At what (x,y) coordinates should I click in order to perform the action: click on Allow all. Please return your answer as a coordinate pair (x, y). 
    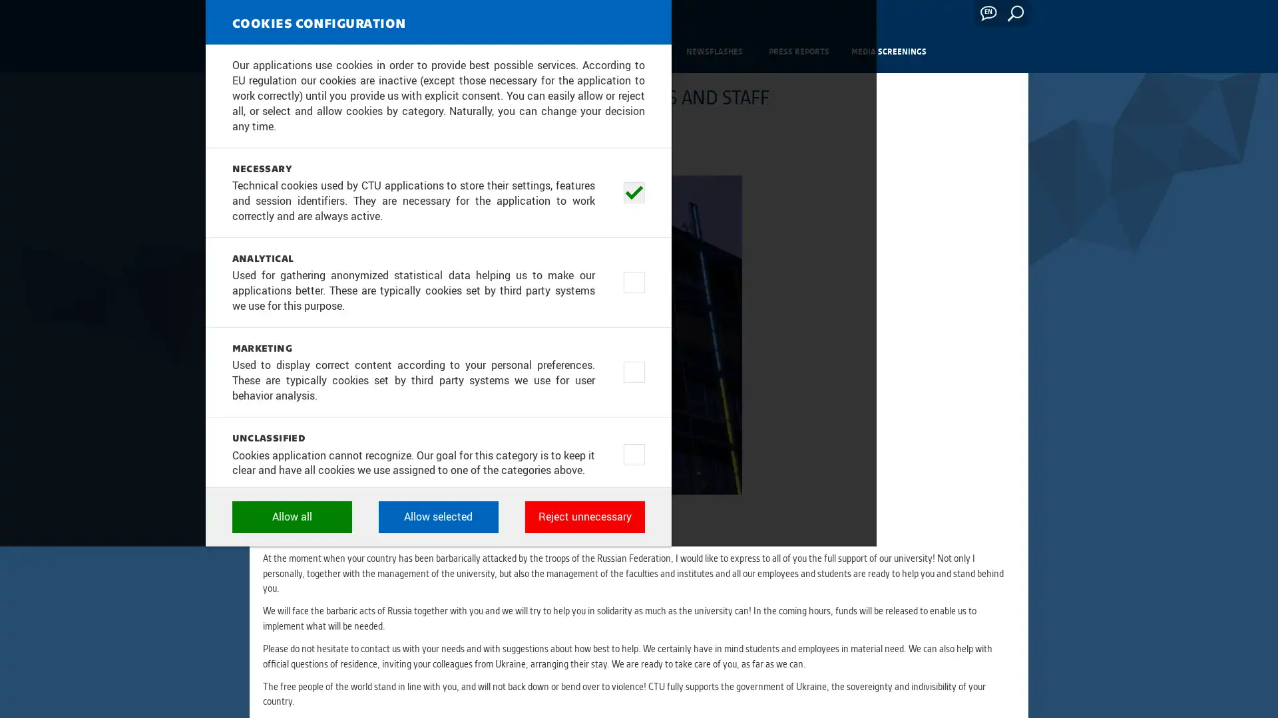
    Looking at the image, I should click on (491, 655).